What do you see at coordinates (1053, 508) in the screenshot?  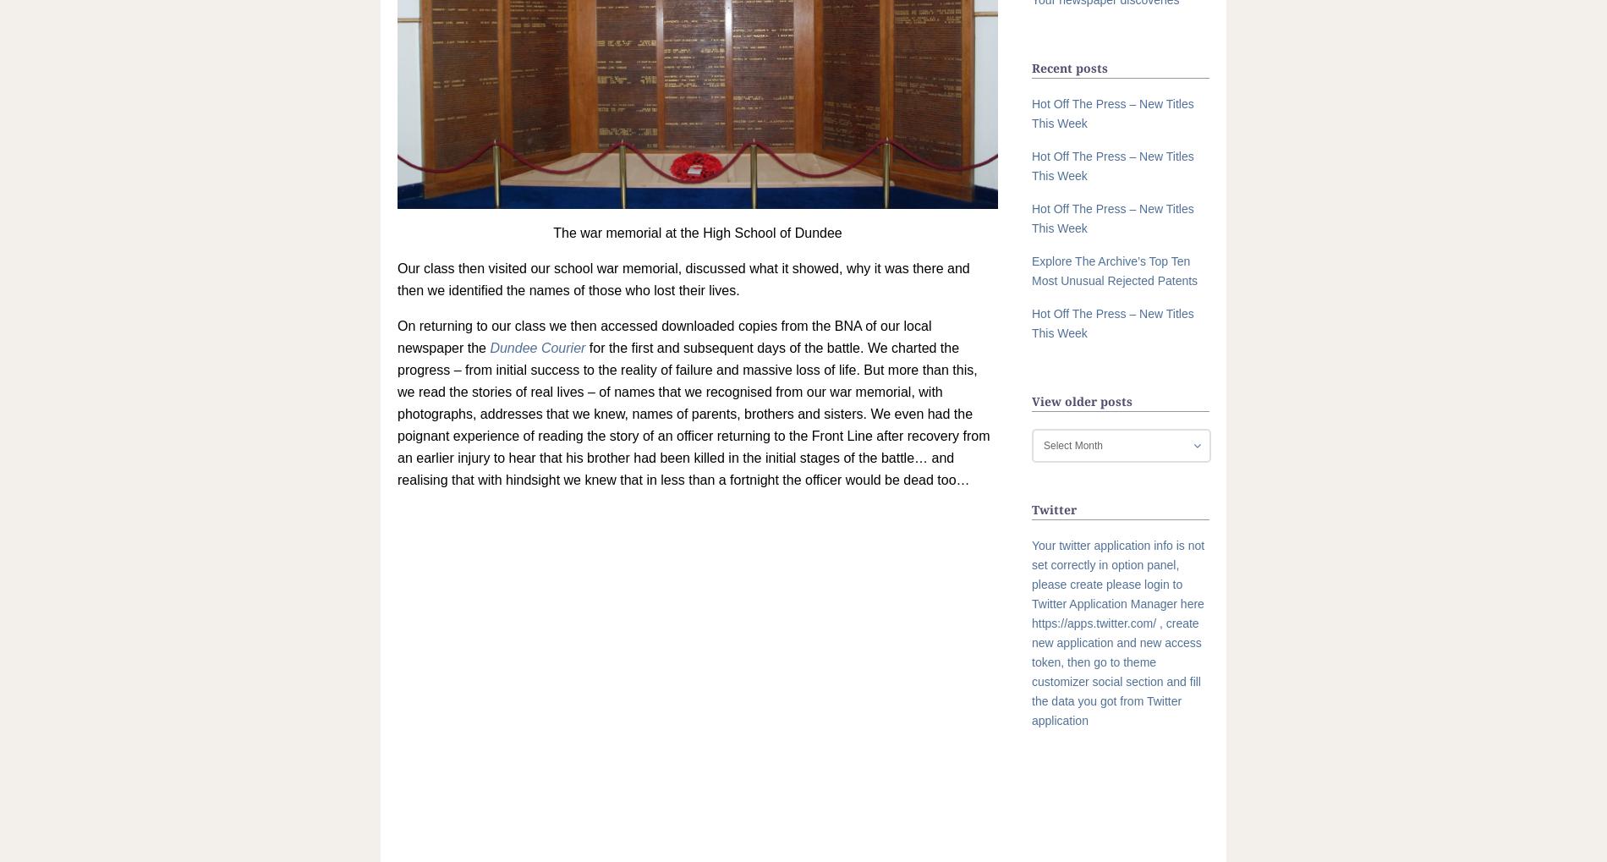 I see `'Twitter'` at bounding box center [1053, 508].